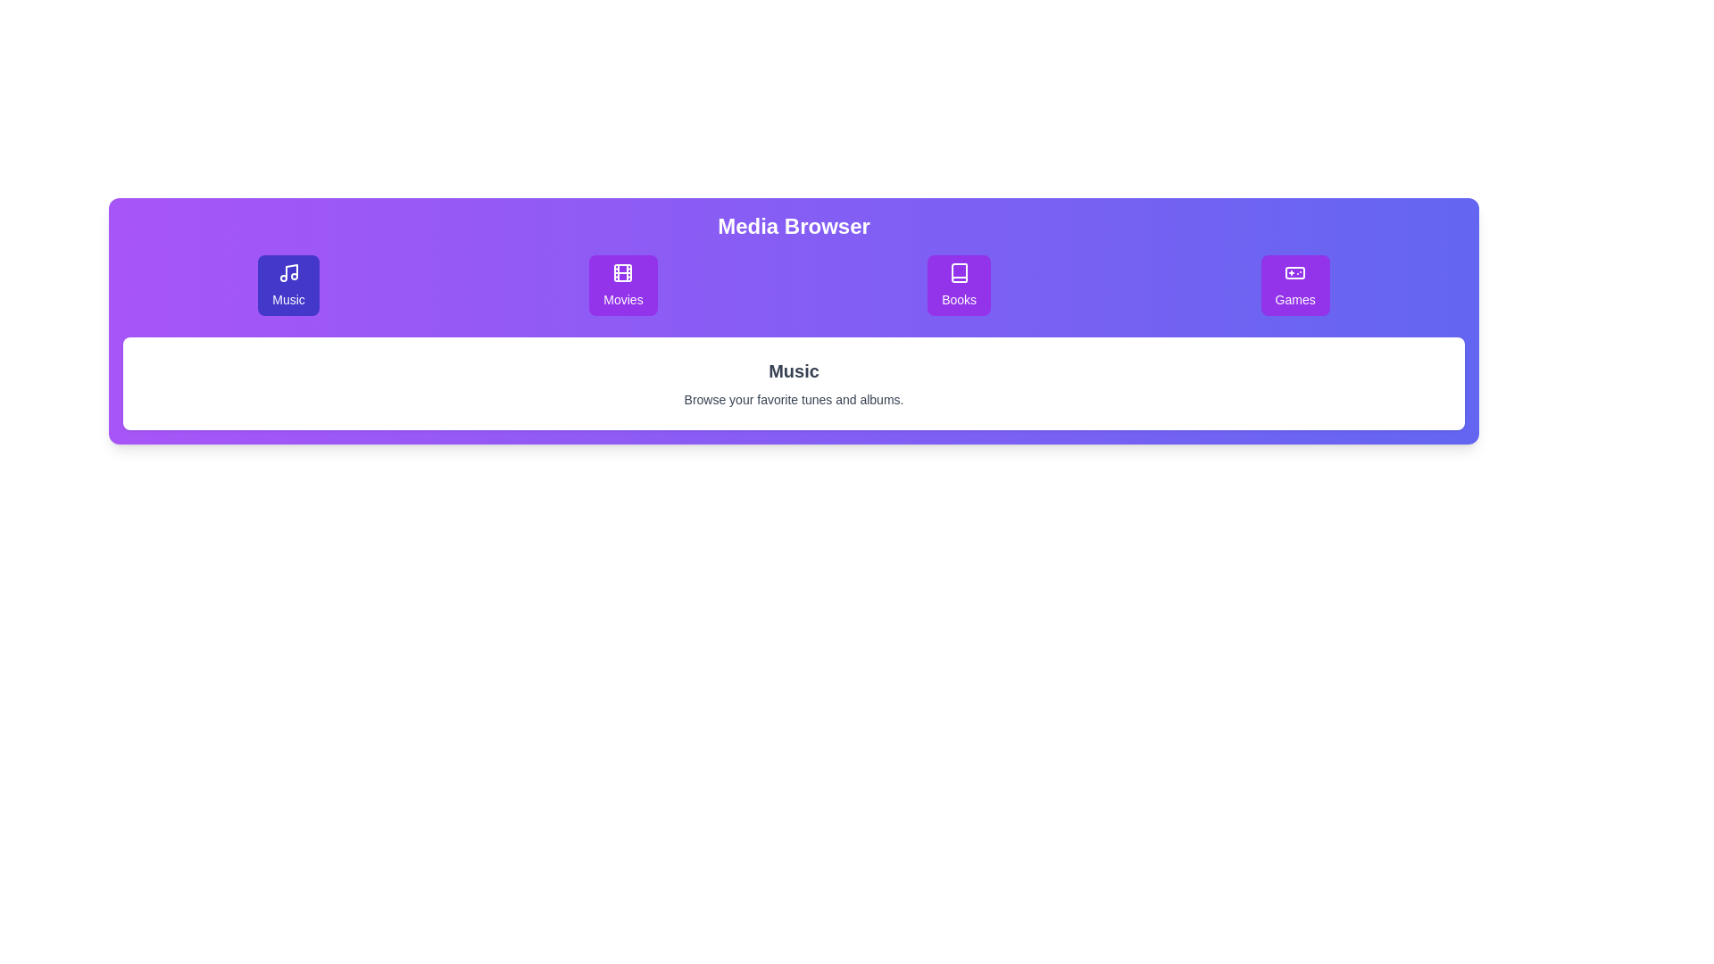 Image resolution: width=1714 pixels, height=964 pixels. What do you see at coordinates (288, 285) in the screenshot?
I see `the 'Music' category button, which is the first button in a horizontal row of four buttons` at bounding box center [288, 285].